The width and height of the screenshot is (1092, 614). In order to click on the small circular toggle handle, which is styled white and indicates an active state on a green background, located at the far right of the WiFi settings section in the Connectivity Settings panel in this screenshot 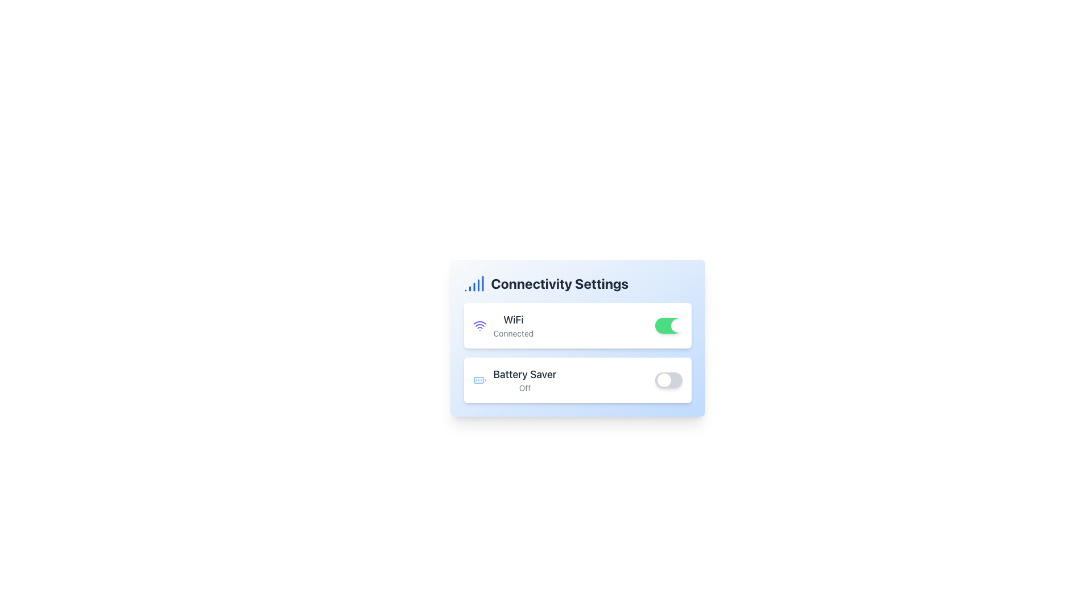, I will do `click(677, 326)`.